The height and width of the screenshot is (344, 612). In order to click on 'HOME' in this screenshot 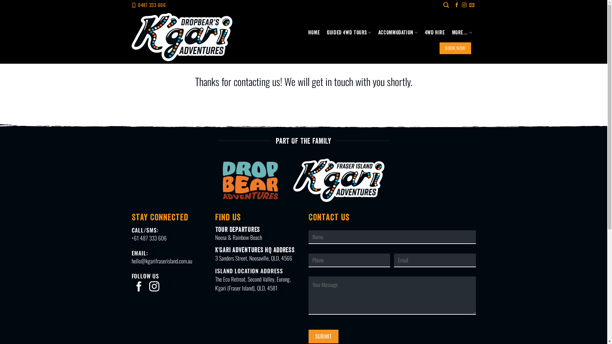, I will do `click(314, 32)`.